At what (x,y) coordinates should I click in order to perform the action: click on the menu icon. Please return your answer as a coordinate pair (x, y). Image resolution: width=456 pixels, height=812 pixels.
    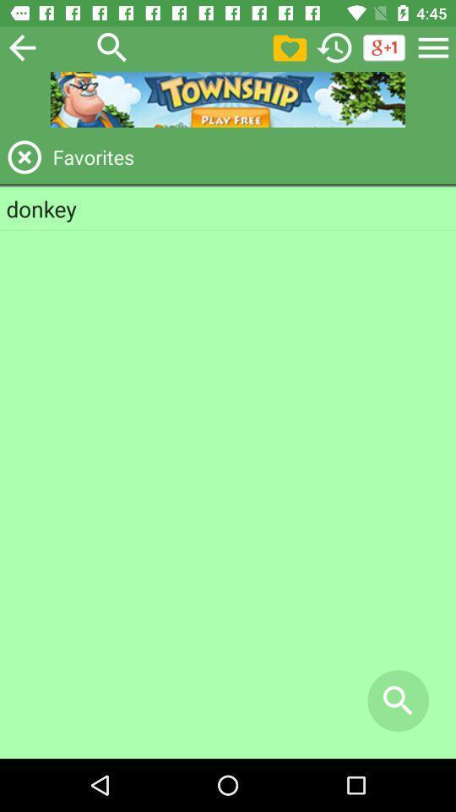
    Looking at the image, I should click on (433, 47).